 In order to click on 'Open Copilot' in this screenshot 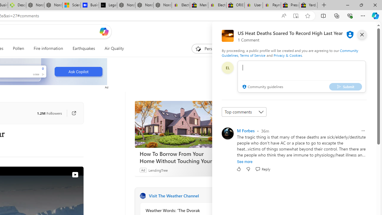, I will do `click(104, 31)`.